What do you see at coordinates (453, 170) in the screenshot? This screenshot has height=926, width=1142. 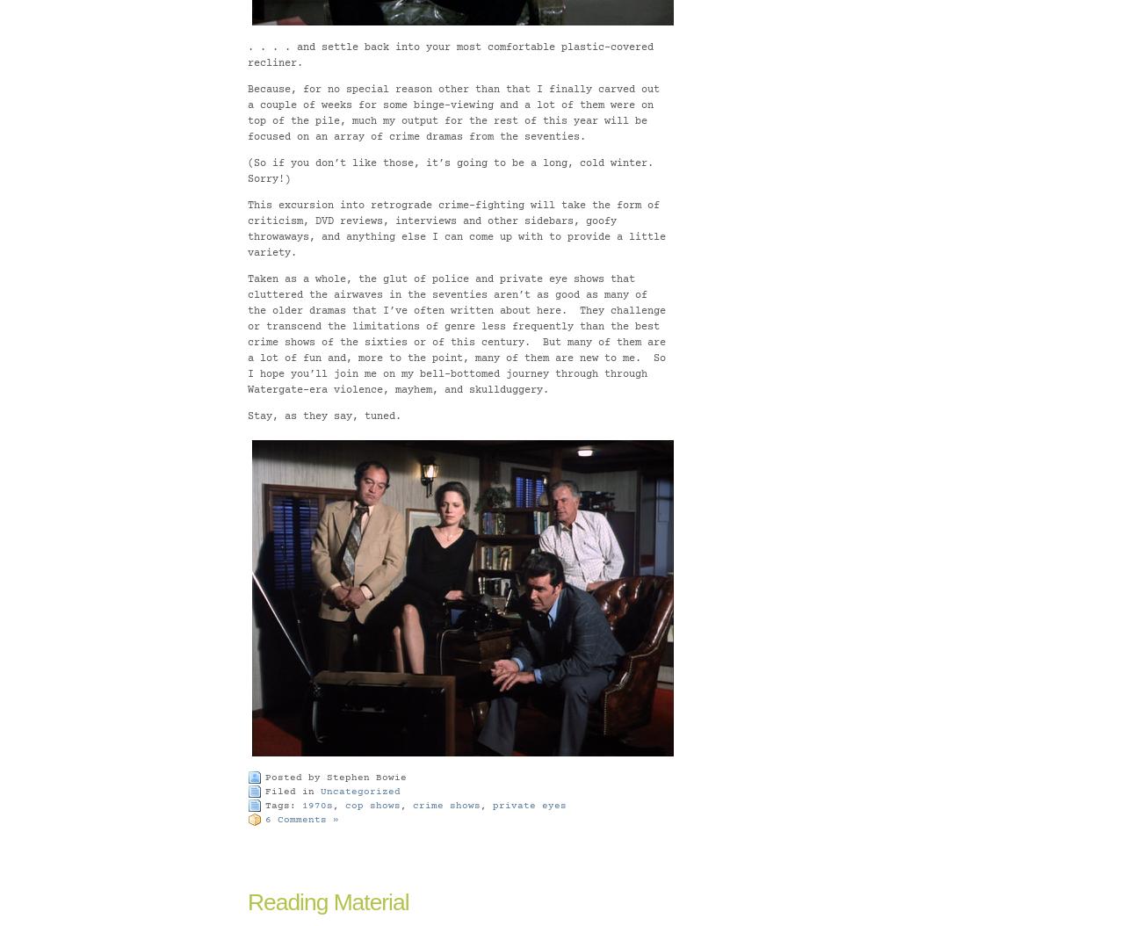 I see `'(So if you don’t like those, it’s going to be a long, cold winter.  Sorry!)'` at bounding box center [453, 170].